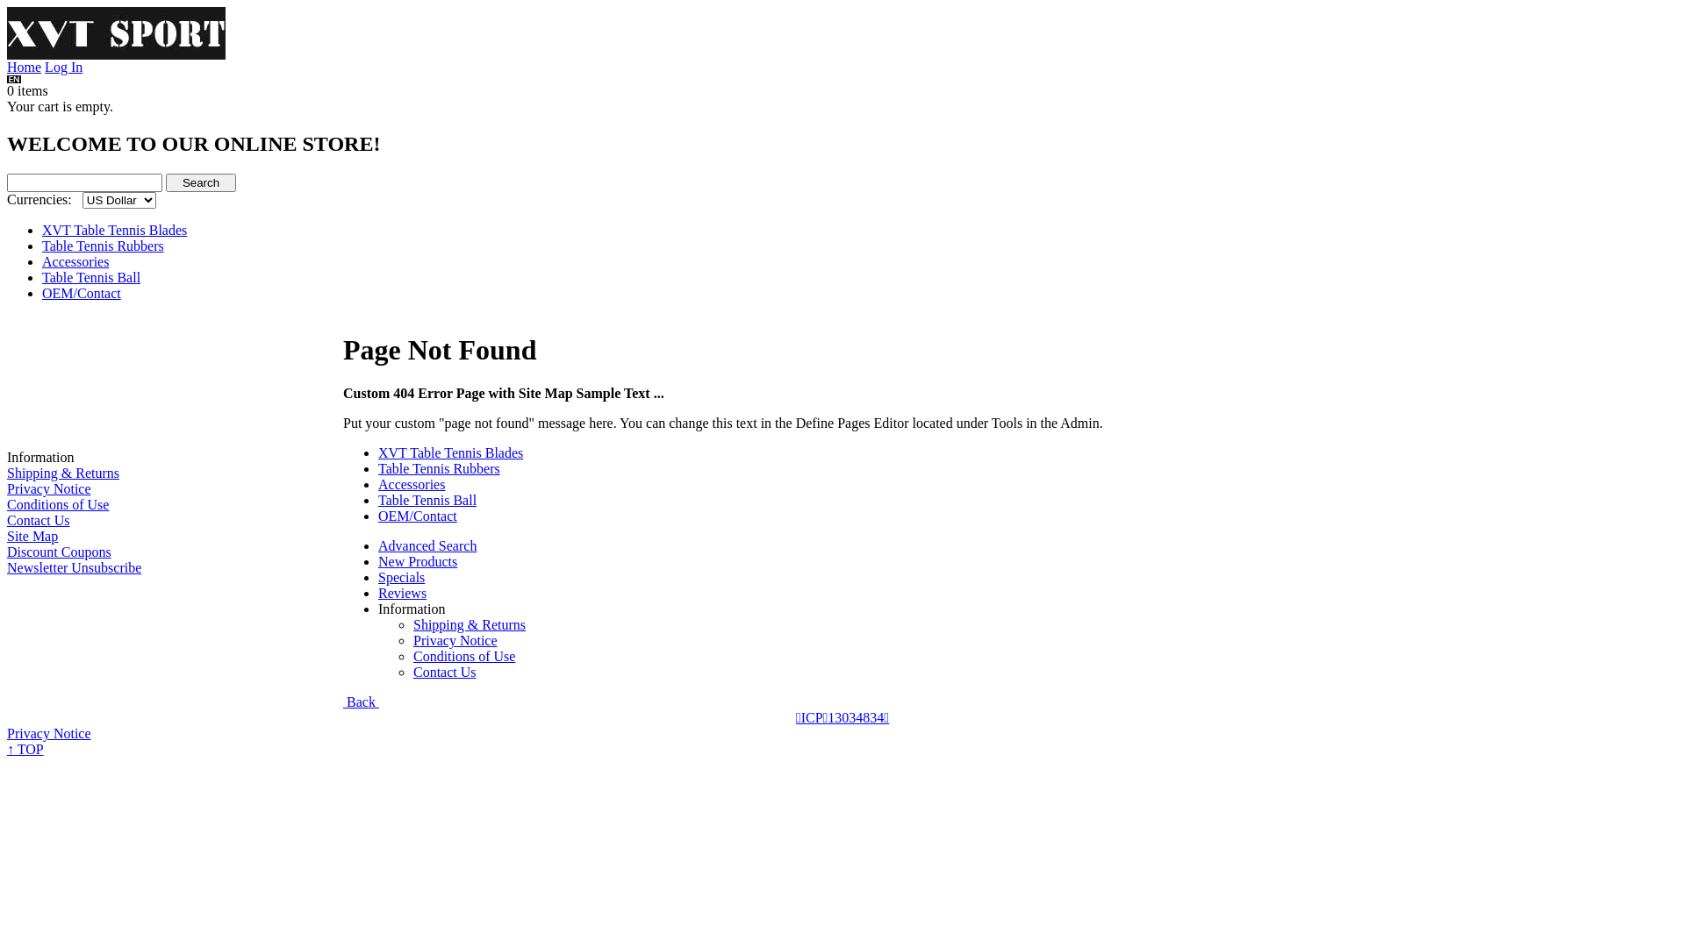 The image size is (1685, 947). I want to click on 'Newsletter Unsubscribe', so click(73, 567).